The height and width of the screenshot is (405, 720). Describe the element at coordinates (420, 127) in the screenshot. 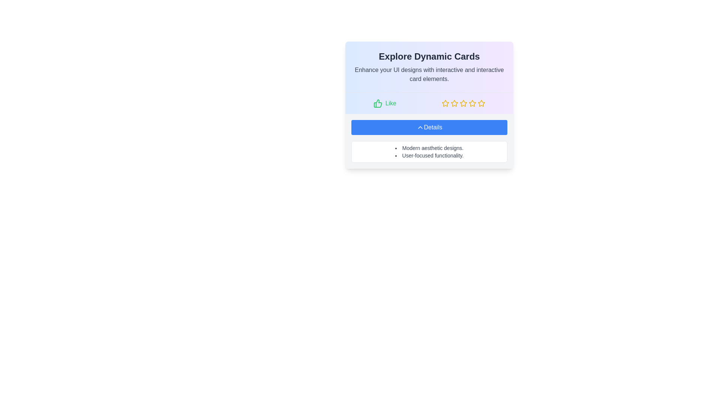

I see `the leftmost icon inside the 'Details' button, which indicates the expansion or collapse of additional details` at that location.